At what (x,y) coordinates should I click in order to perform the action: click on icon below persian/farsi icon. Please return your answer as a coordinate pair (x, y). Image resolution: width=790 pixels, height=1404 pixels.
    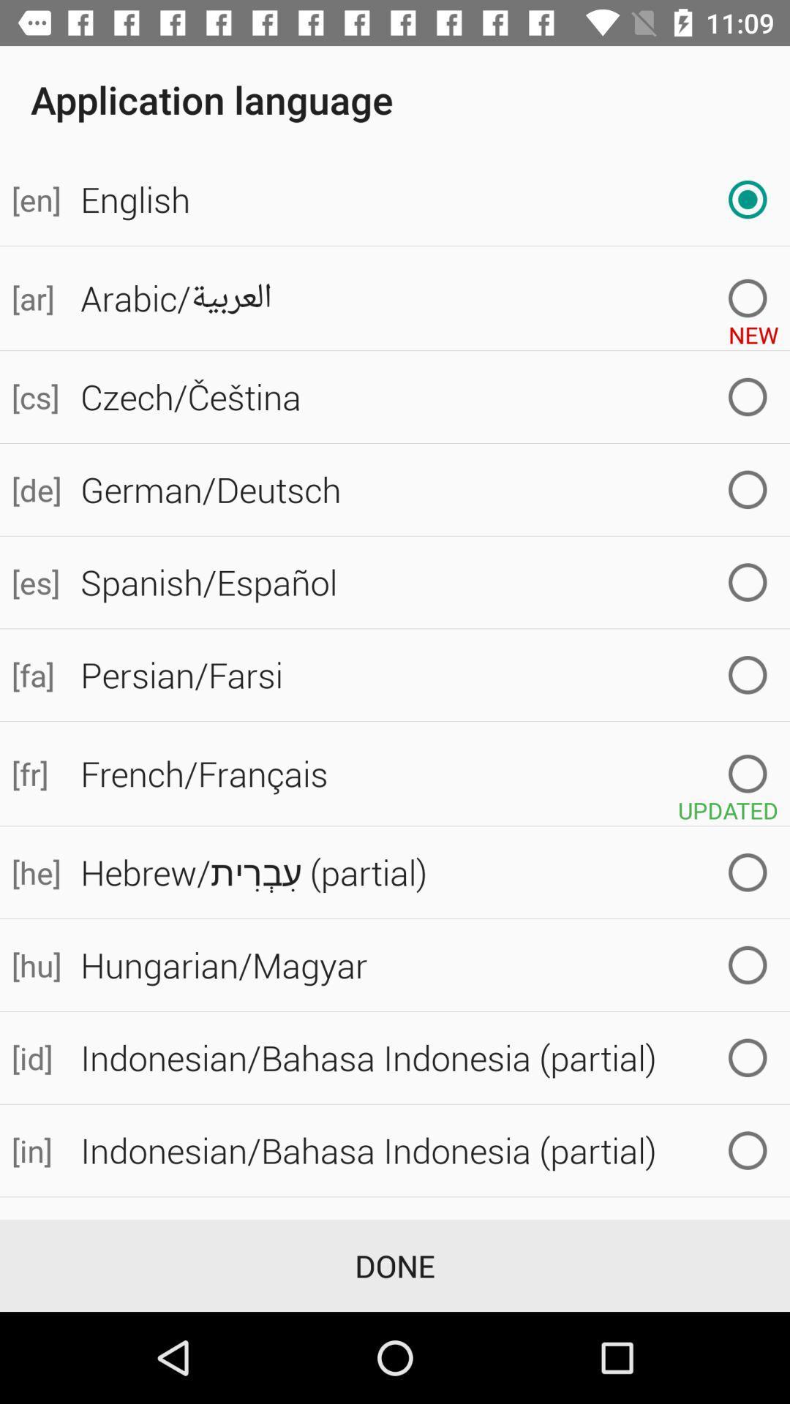
    Looking at the image, I should click on (429, 773).